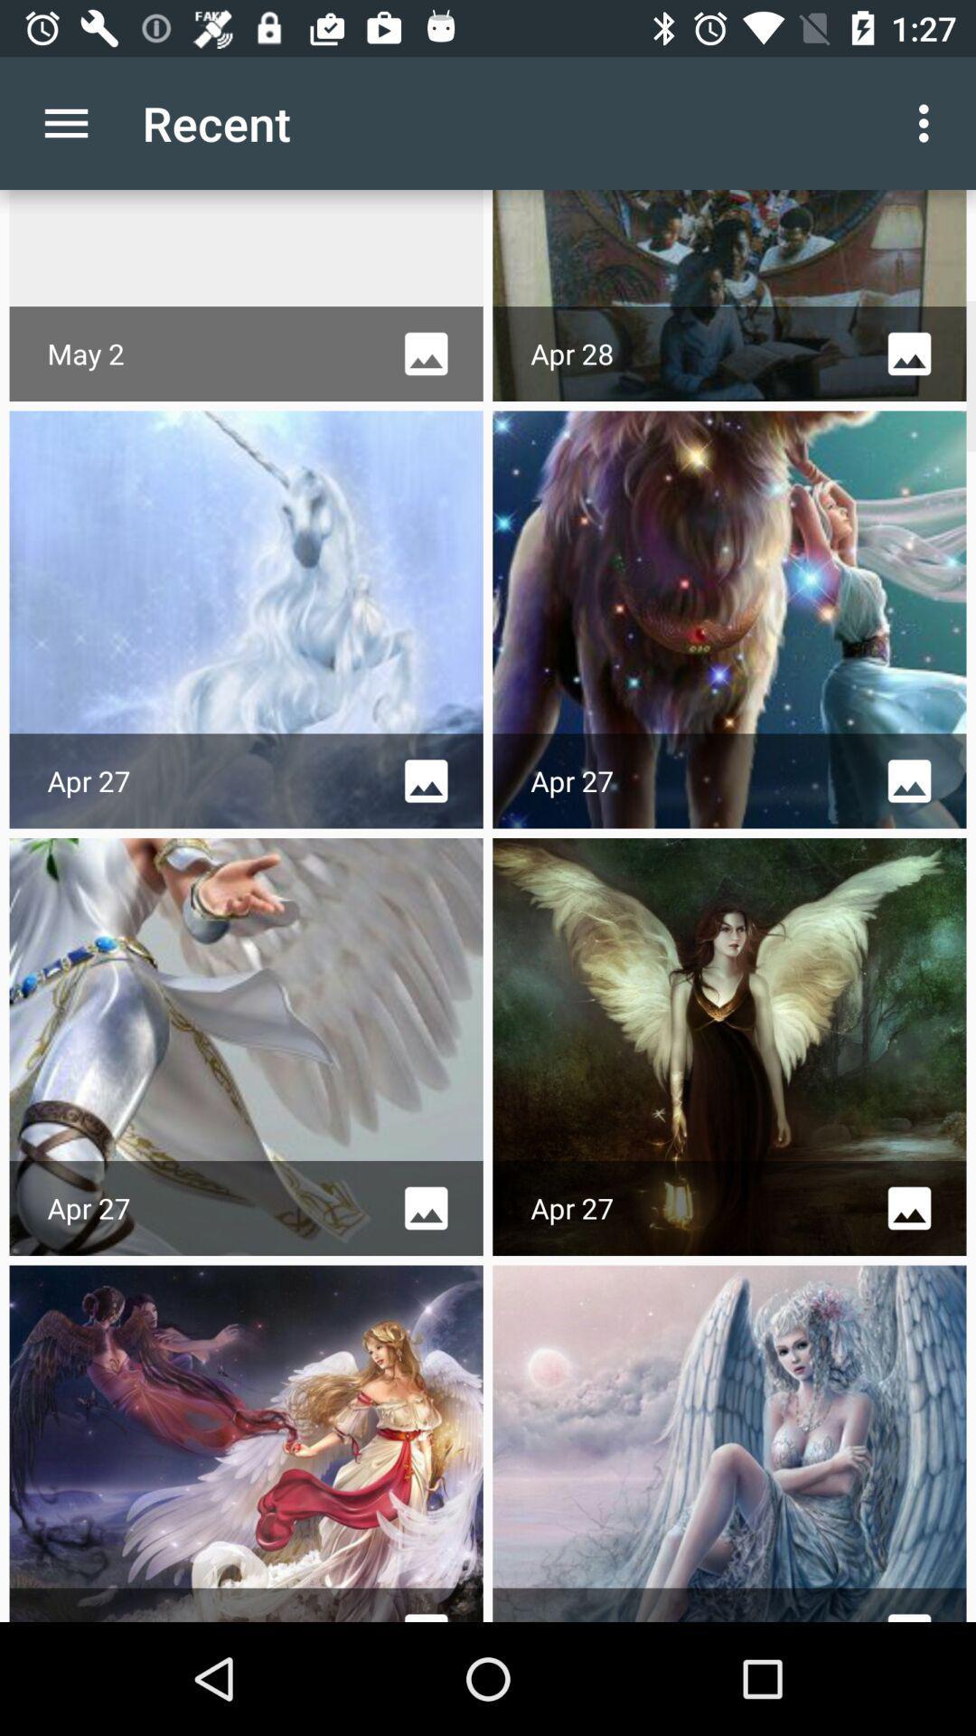  I want to click on the app to the left of the recent app, so click(65, 122).